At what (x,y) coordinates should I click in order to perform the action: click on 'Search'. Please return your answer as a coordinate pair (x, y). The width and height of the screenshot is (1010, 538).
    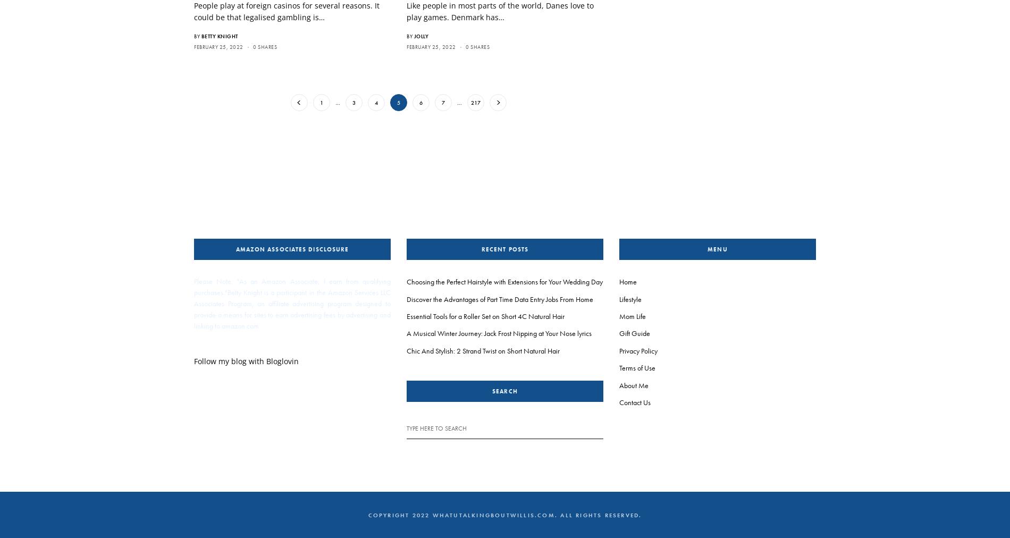
    Looking at the image, I should click on (492, 391).